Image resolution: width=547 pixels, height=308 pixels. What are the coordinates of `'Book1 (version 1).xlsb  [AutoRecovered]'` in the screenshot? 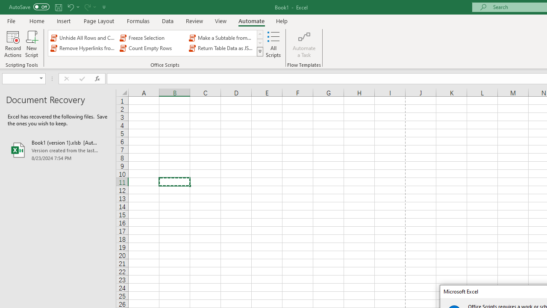 It's located at (58, 150).